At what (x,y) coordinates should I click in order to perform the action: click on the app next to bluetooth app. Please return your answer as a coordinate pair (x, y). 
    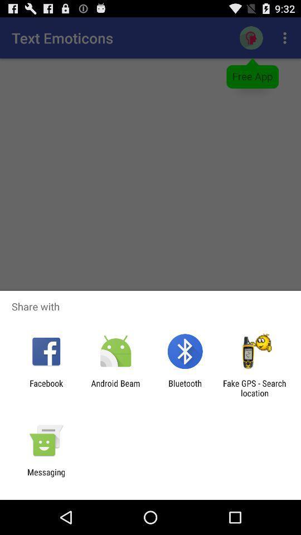
    Looking at the image, I should click on (254, 388).